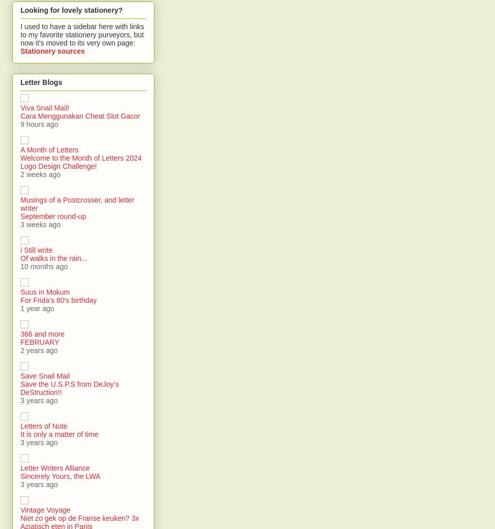  Describe the element at coordinates (58, 300) in the screenshot. I see `'For Frida's 80's birthday'` at that location.